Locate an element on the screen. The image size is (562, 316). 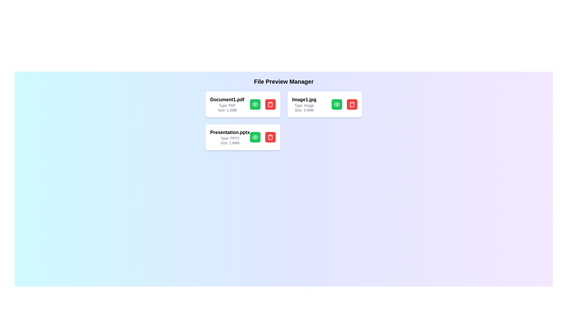
the red button with a trash icon to initiate a delete action for the associated file or item is located at coordinates (270, 104).